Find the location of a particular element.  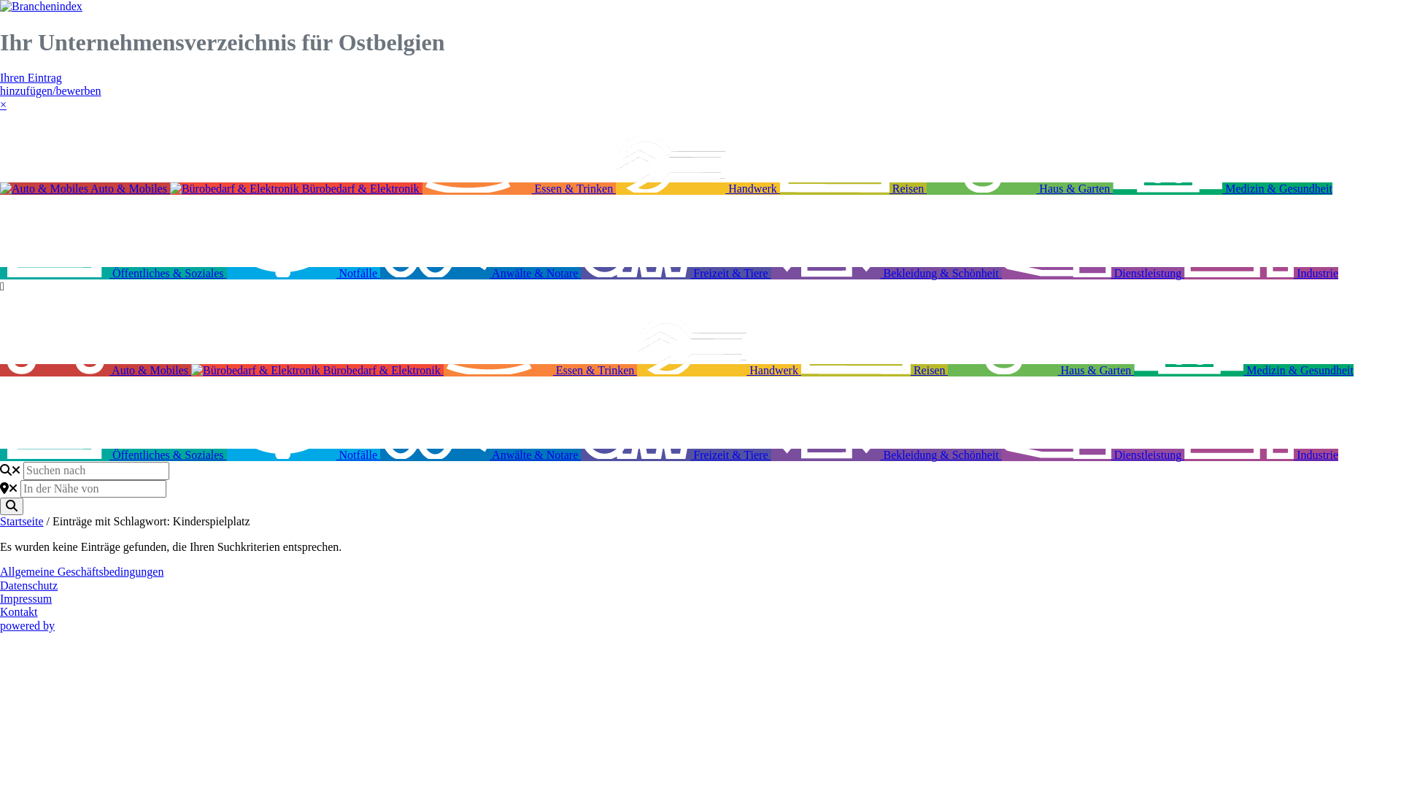

'Datenschutz' is located at coordinates (28, 584).